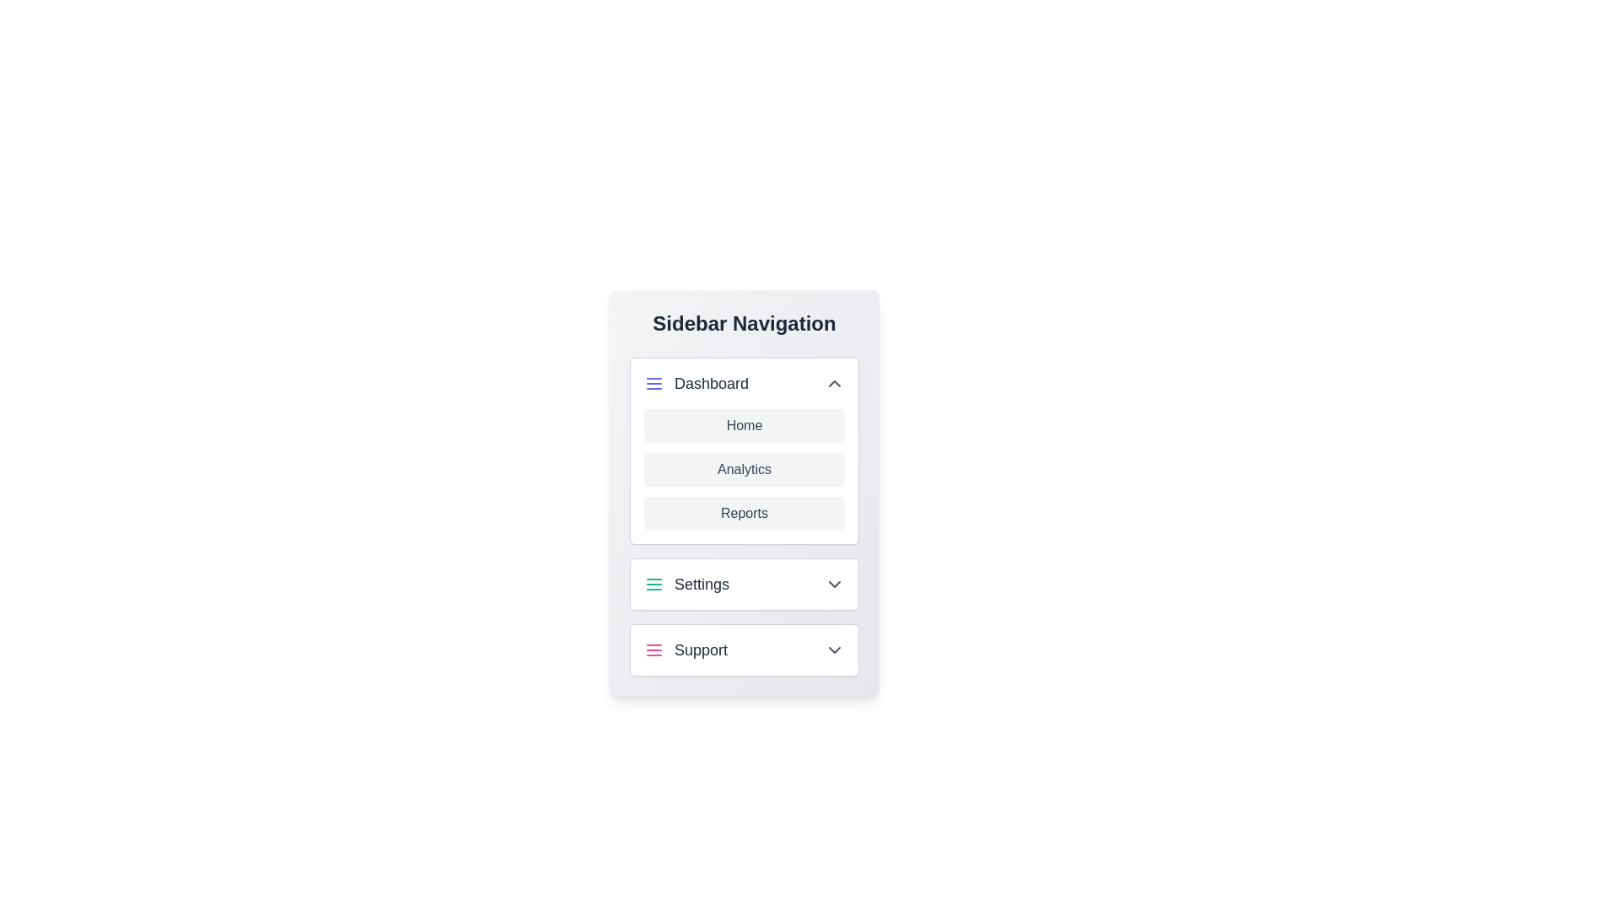  What do you see at coordinates (701, 650) in the screenshot?
I see `the 'Support' text label in the sidebar menu under the 'Settings' section, which is displayed in gray and has a heading font size` at bounding box center [701, 650].